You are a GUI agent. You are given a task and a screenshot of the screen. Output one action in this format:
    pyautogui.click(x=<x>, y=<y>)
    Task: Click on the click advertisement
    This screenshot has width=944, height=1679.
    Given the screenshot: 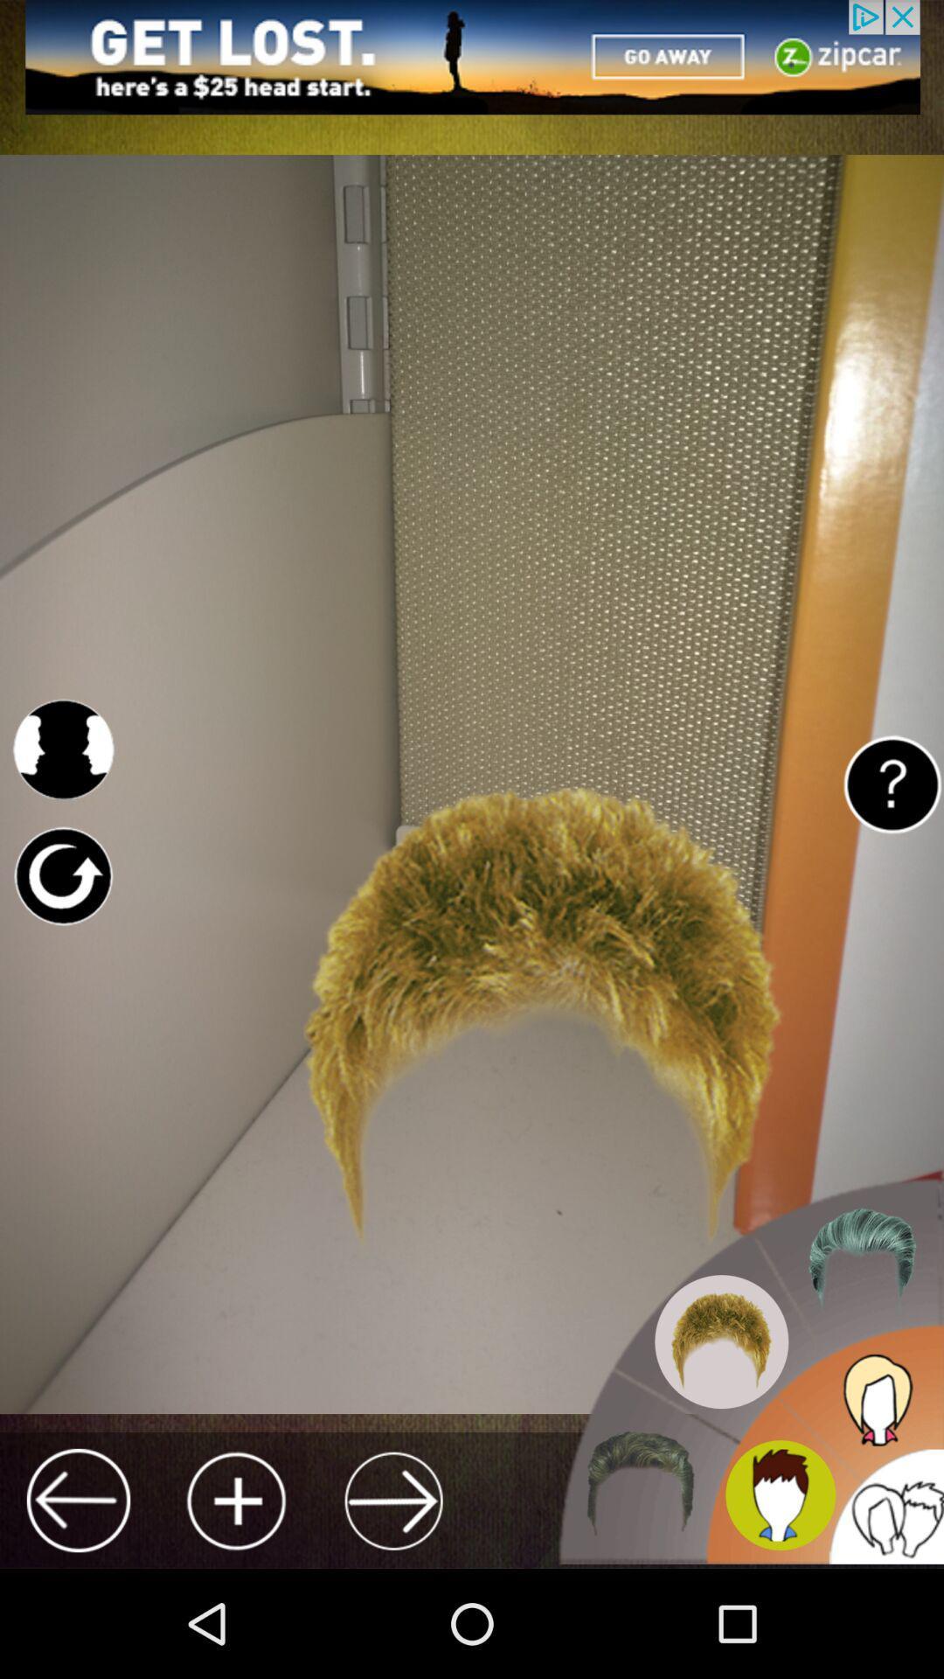 What is the action you would take?
    pyautogui.click(x=472, y=57)
    